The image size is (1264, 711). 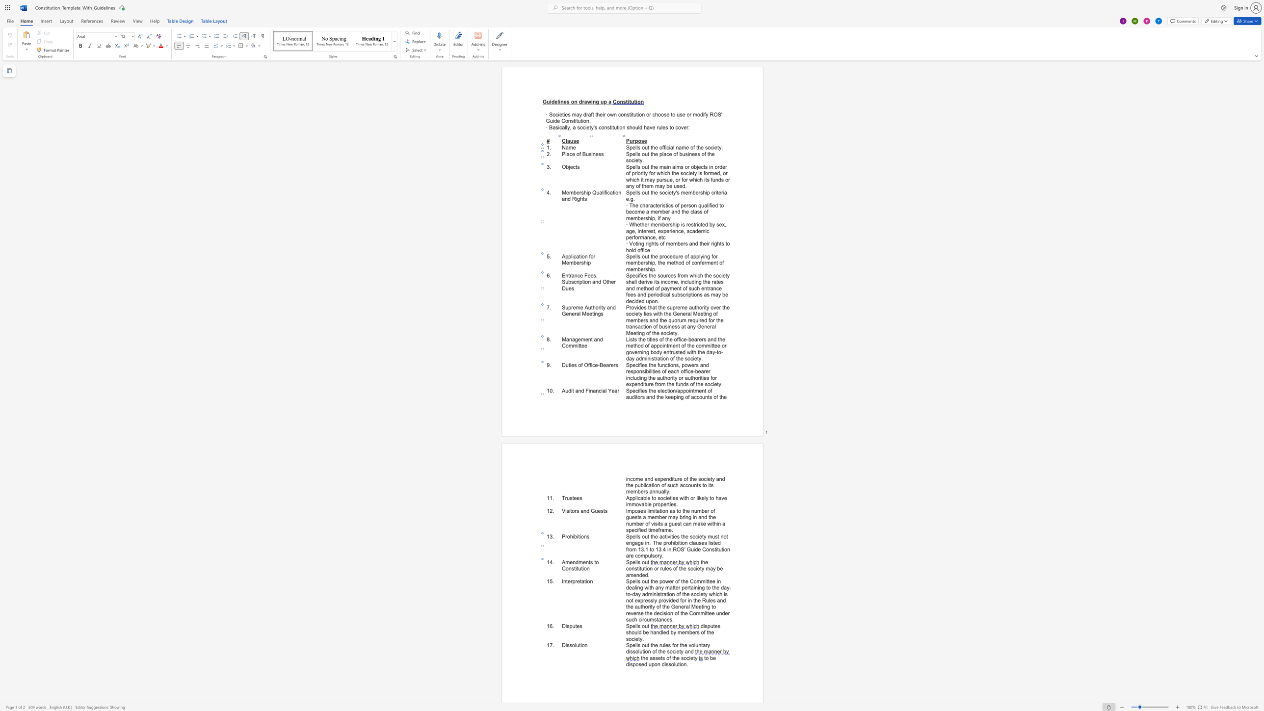 What do you see at coordinates (628, 562) in the screenshot?
I see `the 1th character "S" in the text` at bounding box center [628, 562].